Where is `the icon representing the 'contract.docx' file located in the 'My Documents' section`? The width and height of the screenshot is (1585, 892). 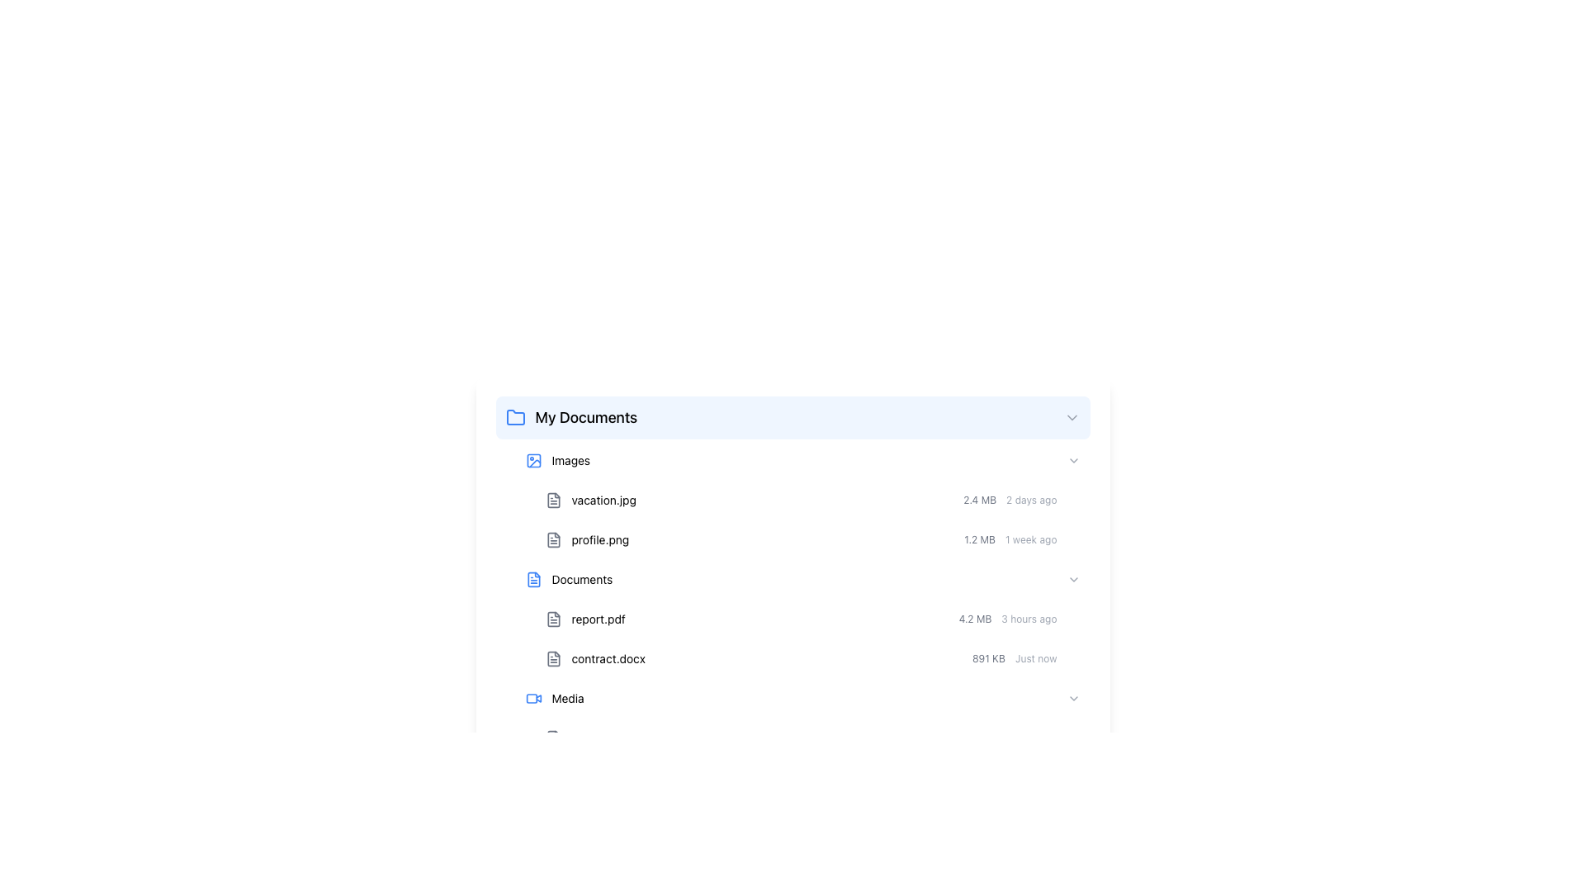
the icon representing the 'contract.docx' file located in the 'My Documents' section is located at coordinates (553, 658).